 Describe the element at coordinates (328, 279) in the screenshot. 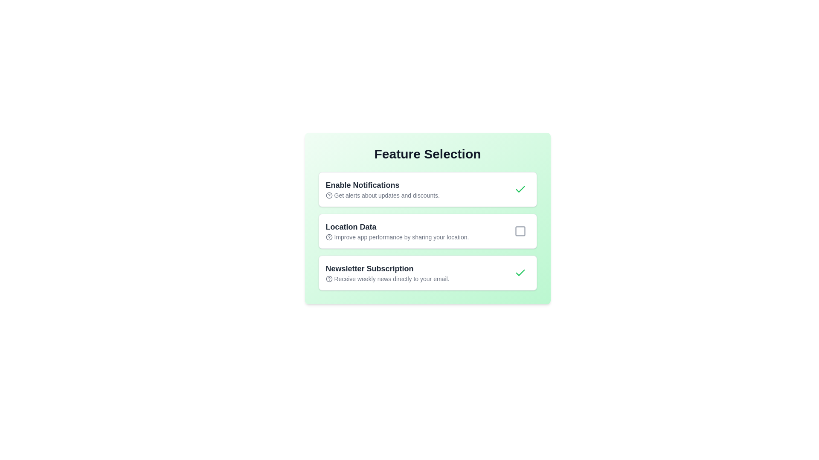

I see `the circular icon with a question mark next to the 'Receive weekly news directly to your email.' text in the 'Newsletter Subscription' feature section` at that location.